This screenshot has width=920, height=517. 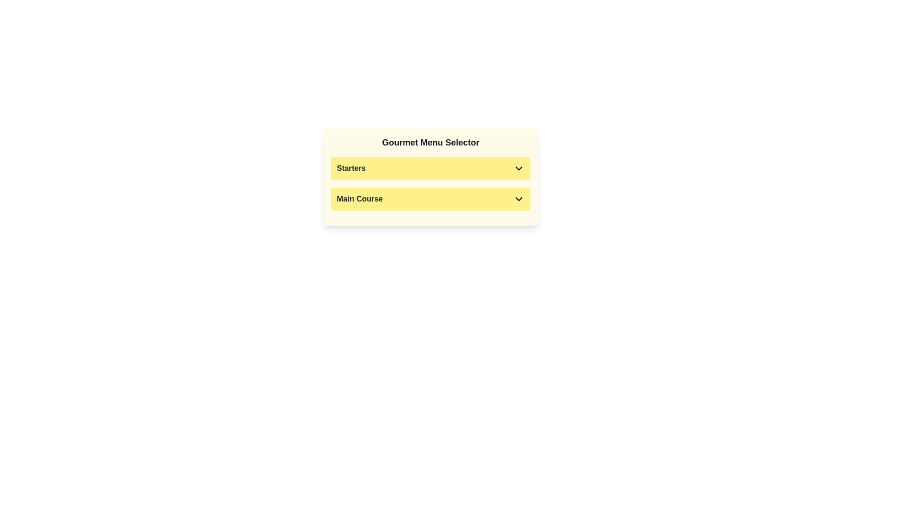 What do you see at coordinates (430, 168) in the screenshot?
I see `the first dropdown menu within the 'Gourmet Menu Selector' section` at bounding box center [430, 168].